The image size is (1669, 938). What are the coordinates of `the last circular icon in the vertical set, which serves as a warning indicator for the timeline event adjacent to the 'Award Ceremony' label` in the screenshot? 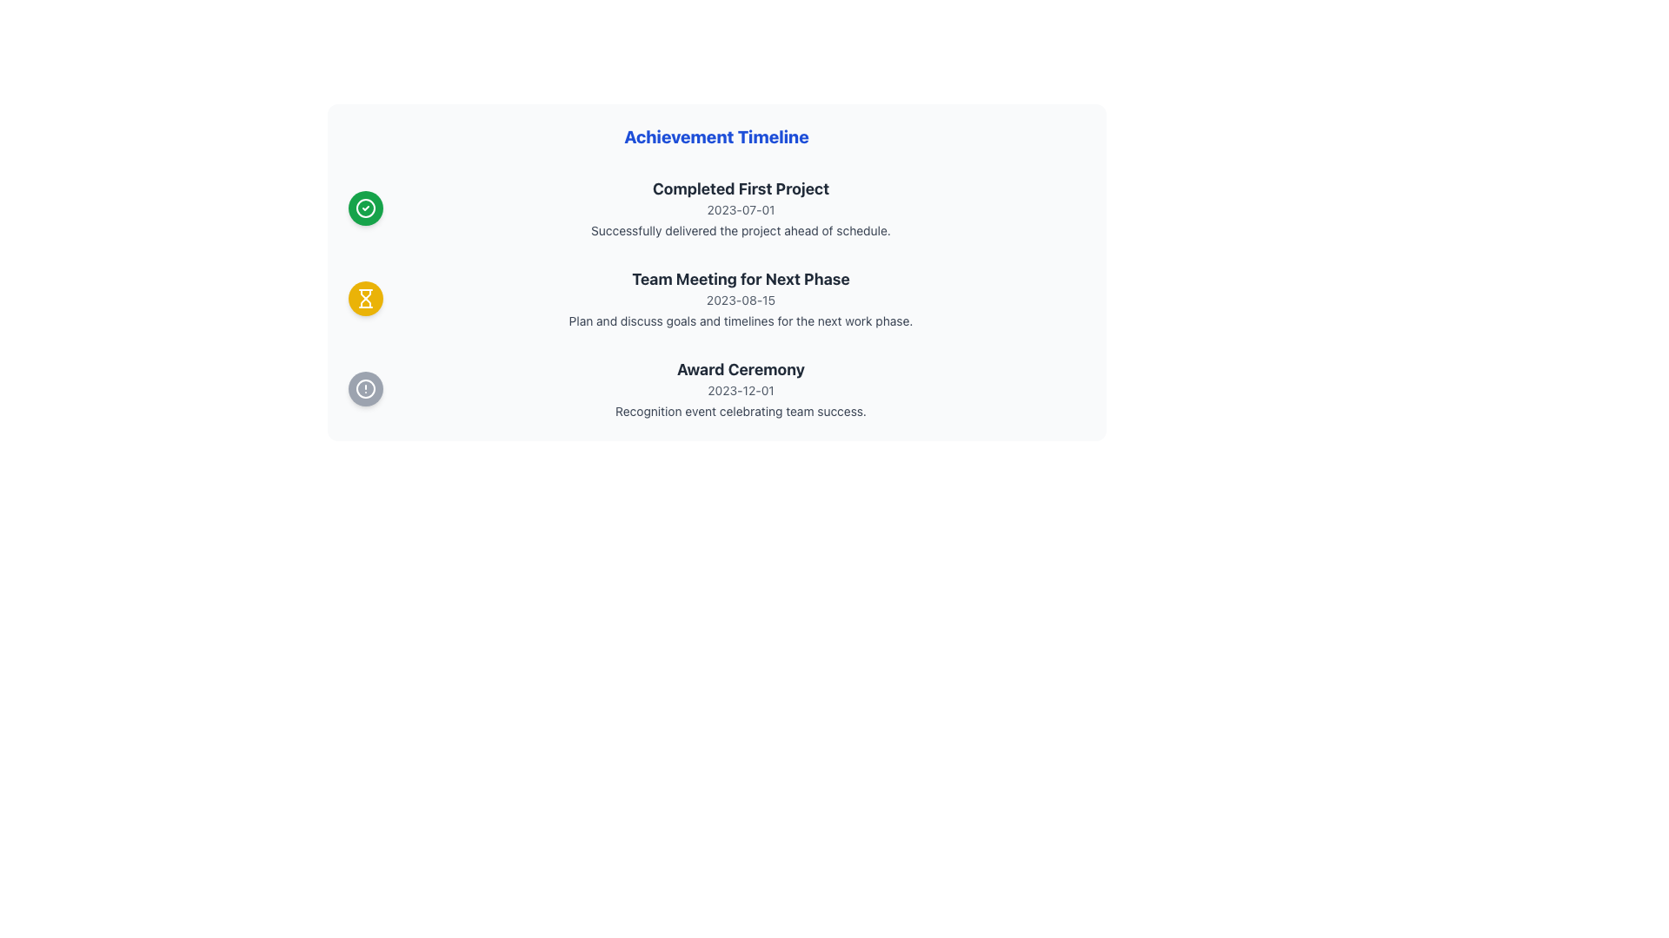 It's located at (364, 387).